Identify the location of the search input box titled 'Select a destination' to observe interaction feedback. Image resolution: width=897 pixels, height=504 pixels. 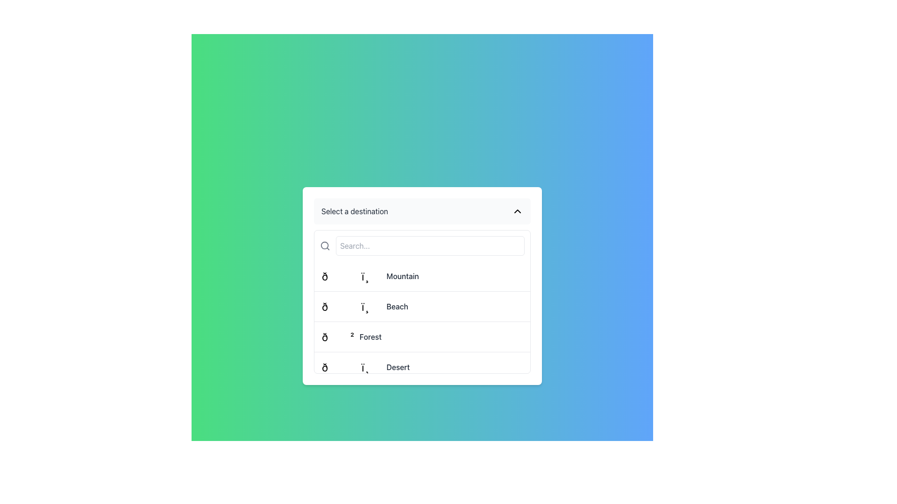
(421, 245).